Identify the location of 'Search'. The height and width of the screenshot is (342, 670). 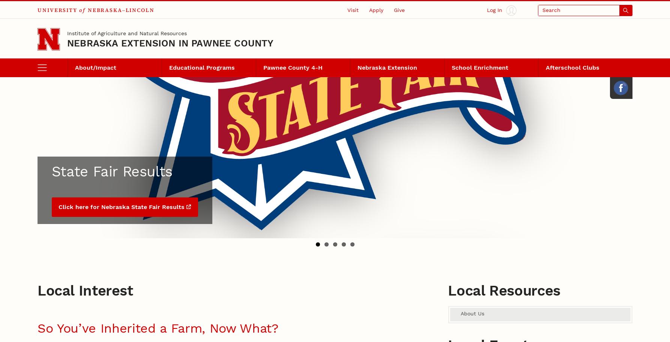
(47, 31).